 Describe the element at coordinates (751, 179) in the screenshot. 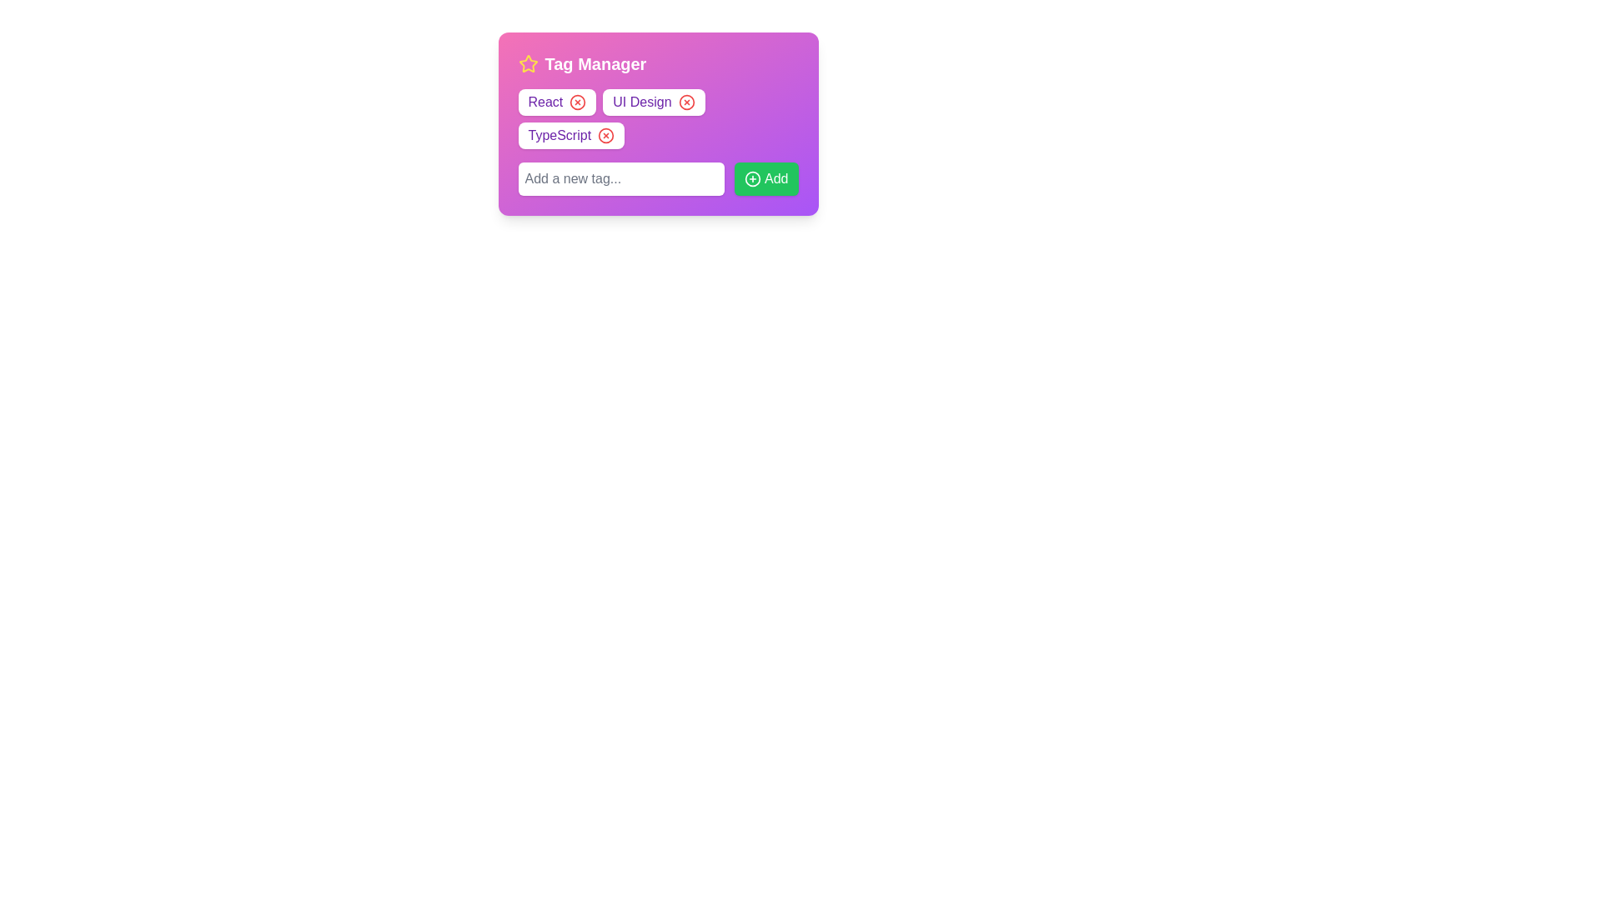

I see `the SVG icon with a circular boundary and a '+' symbol in the center, which is located to the left of the 'Add' text inside the green 'Add' button` at that location.